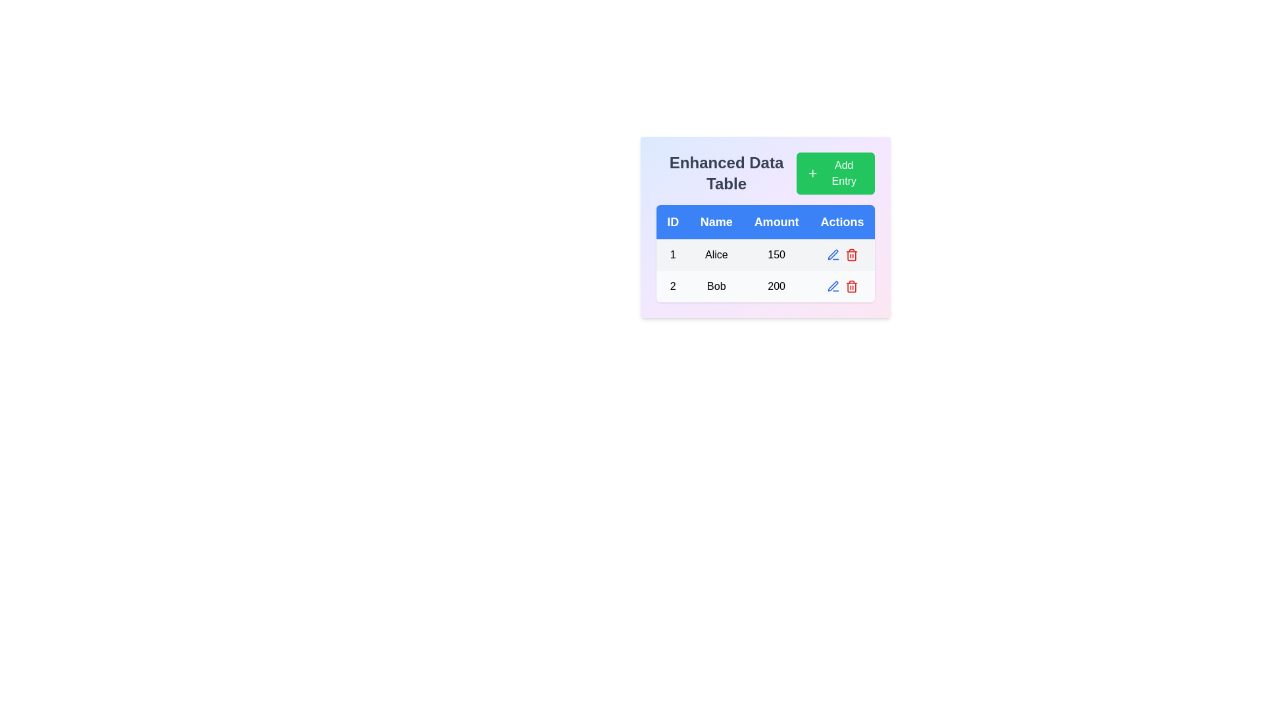 This screenshot has width=1263, height=710. I want to click on the red trash bin icon within the interactive control group in the 'Actions' column of the data table row labeled '2 Bob 200', so click(842, 285).